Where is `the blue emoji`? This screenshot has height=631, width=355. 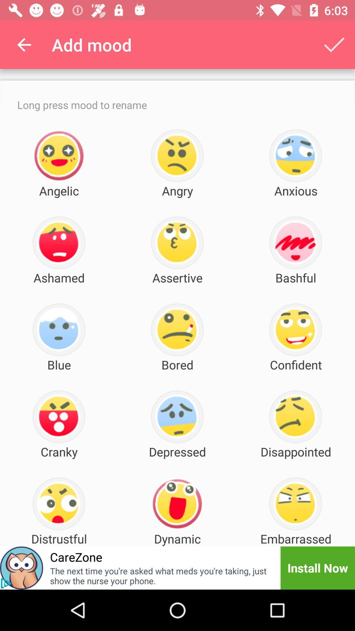
the blue emoji is located at coordinates (59, 330).